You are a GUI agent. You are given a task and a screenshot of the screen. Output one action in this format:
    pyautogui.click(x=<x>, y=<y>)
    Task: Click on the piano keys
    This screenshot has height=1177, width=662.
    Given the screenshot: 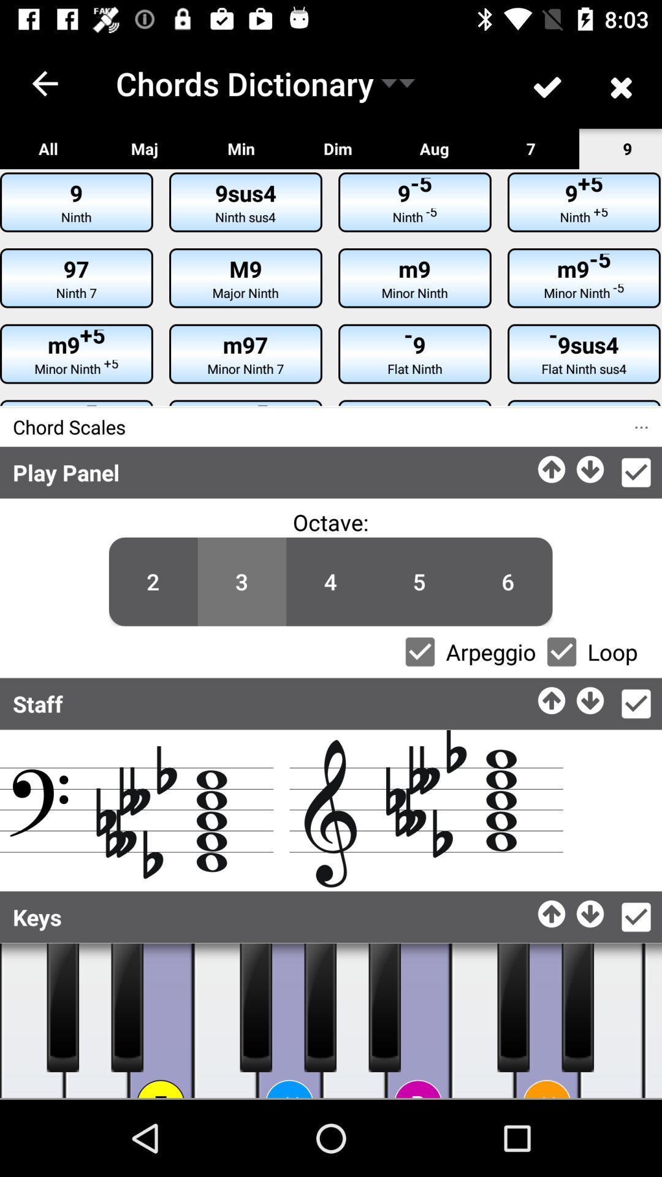 What is the action you would take?
    pyautogui.click(x=127, y=1007)
    